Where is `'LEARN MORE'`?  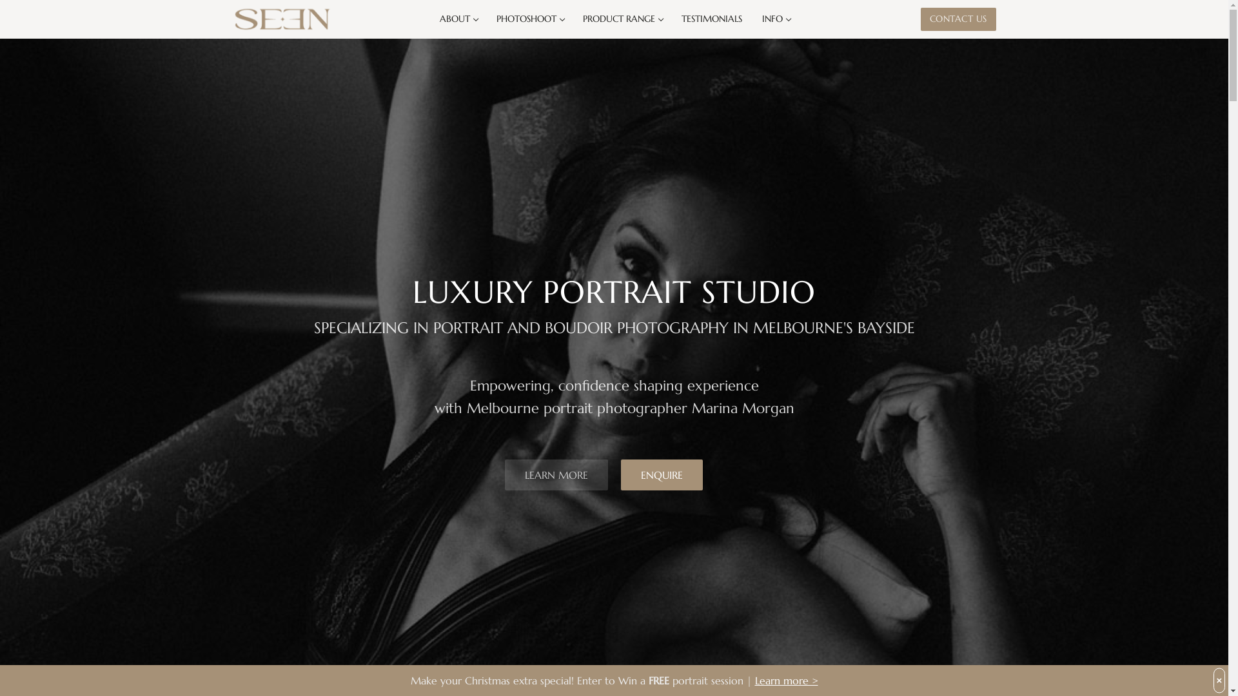
'LEARN MORE' is located at coordinates (556, 474).